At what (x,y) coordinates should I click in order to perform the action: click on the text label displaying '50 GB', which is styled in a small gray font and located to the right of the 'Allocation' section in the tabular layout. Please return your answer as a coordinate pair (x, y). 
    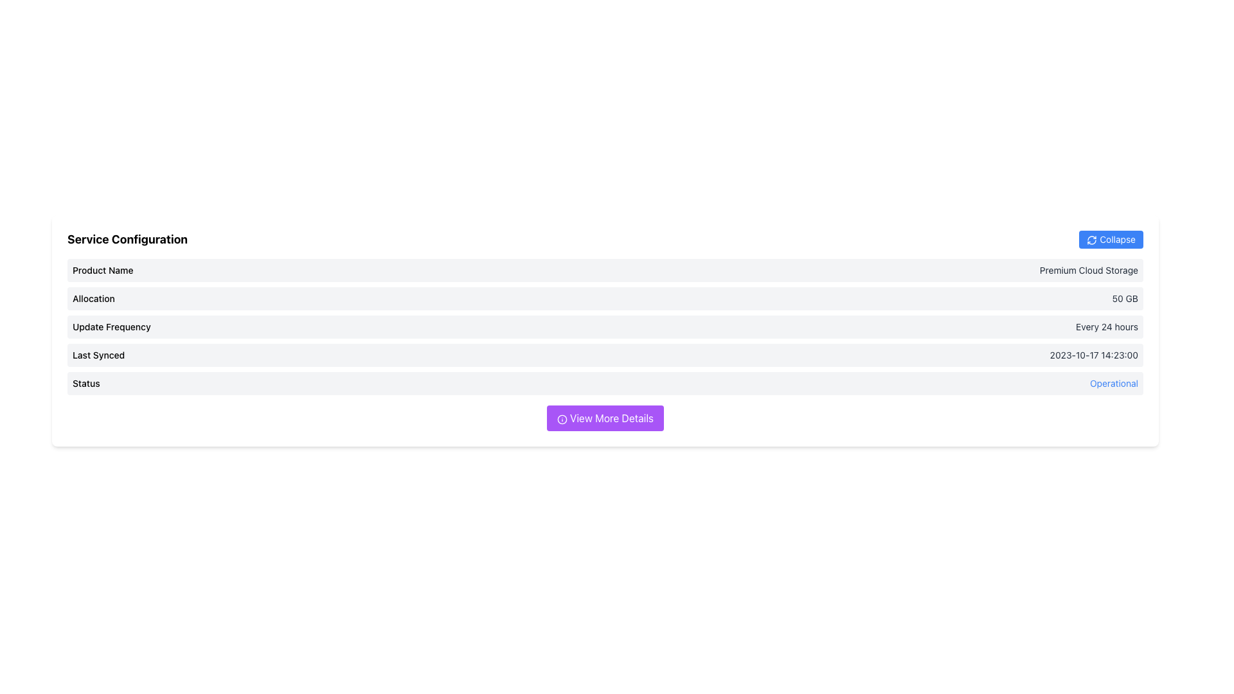
    Looking at the image, I should click on (1124, 299).